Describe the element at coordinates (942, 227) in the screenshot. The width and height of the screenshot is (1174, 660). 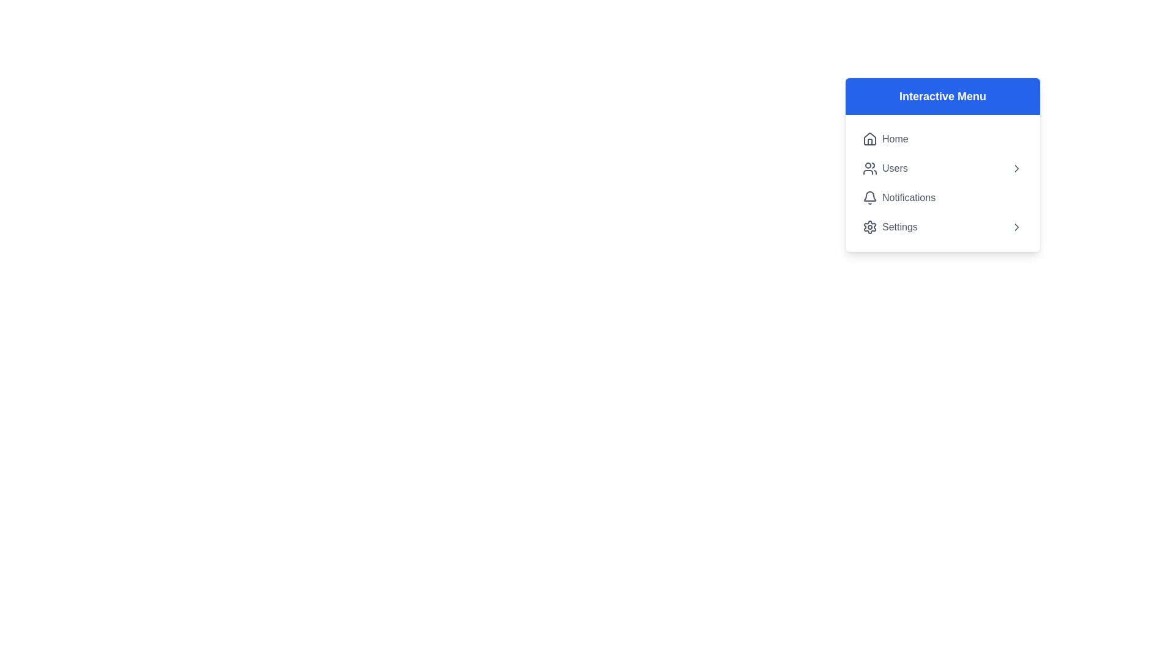
I see `the List item with embedded elements (icon, text, arrow) that serves as a navigation option for accessing settings by` at that location.